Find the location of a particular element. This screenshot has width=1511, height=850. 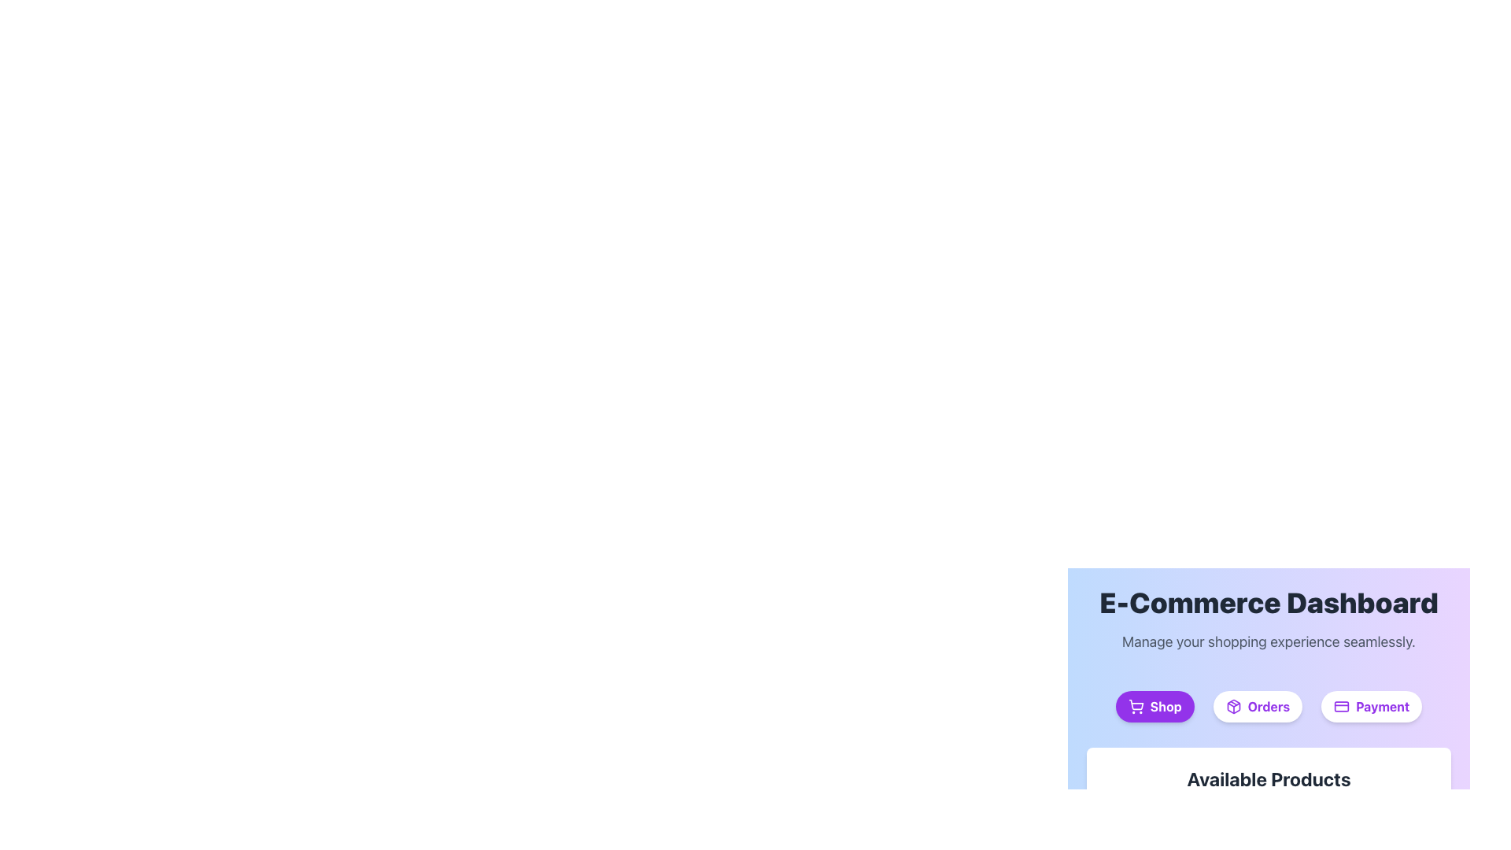

the small rectangle with rounded corners that is part of the credit card icon located at the bottom-right part of the main interface is located at coordinates (1340, 706).